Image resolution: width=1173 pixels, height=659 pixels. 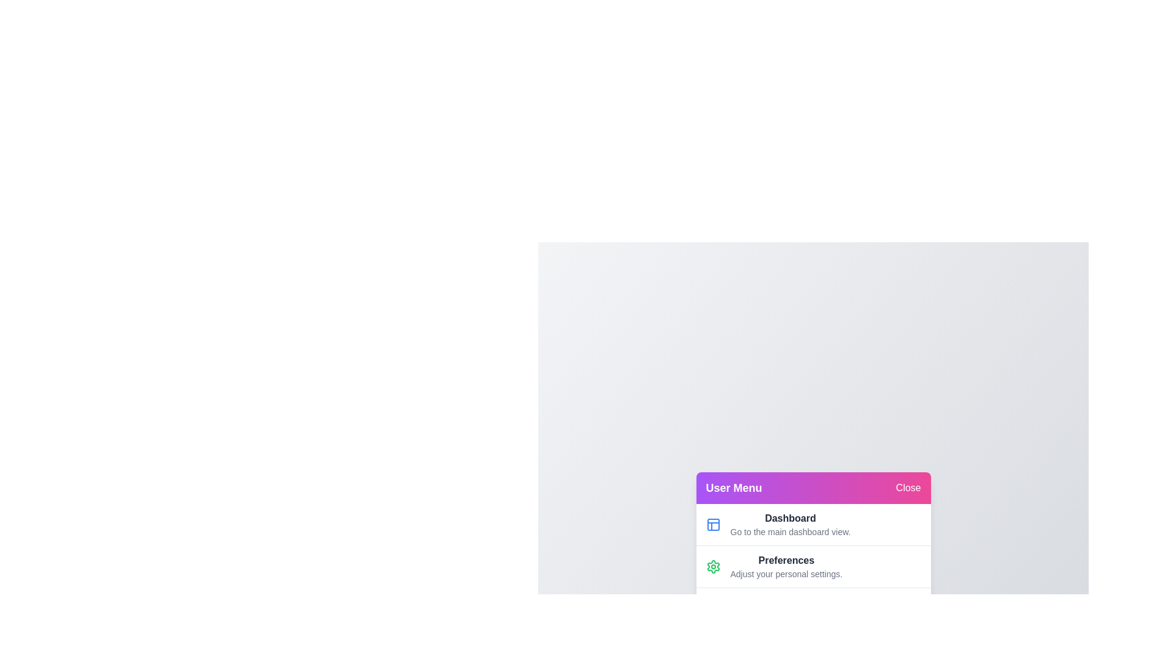 What do you see at coordinates (790, 524) in the screenshot?
I see `the menu item Dashboard by clicking on it` at bounding box center [790, 524].